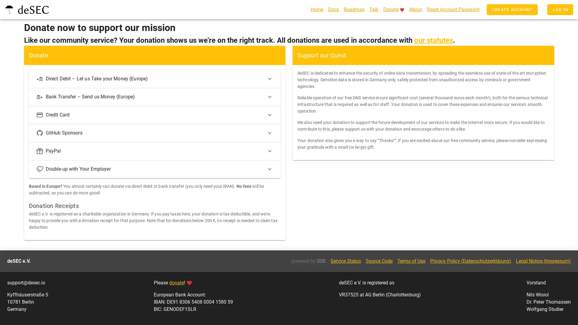  Describe the element at coordinates (154, 153) in the screenshot. I see `PayPal` at that location.